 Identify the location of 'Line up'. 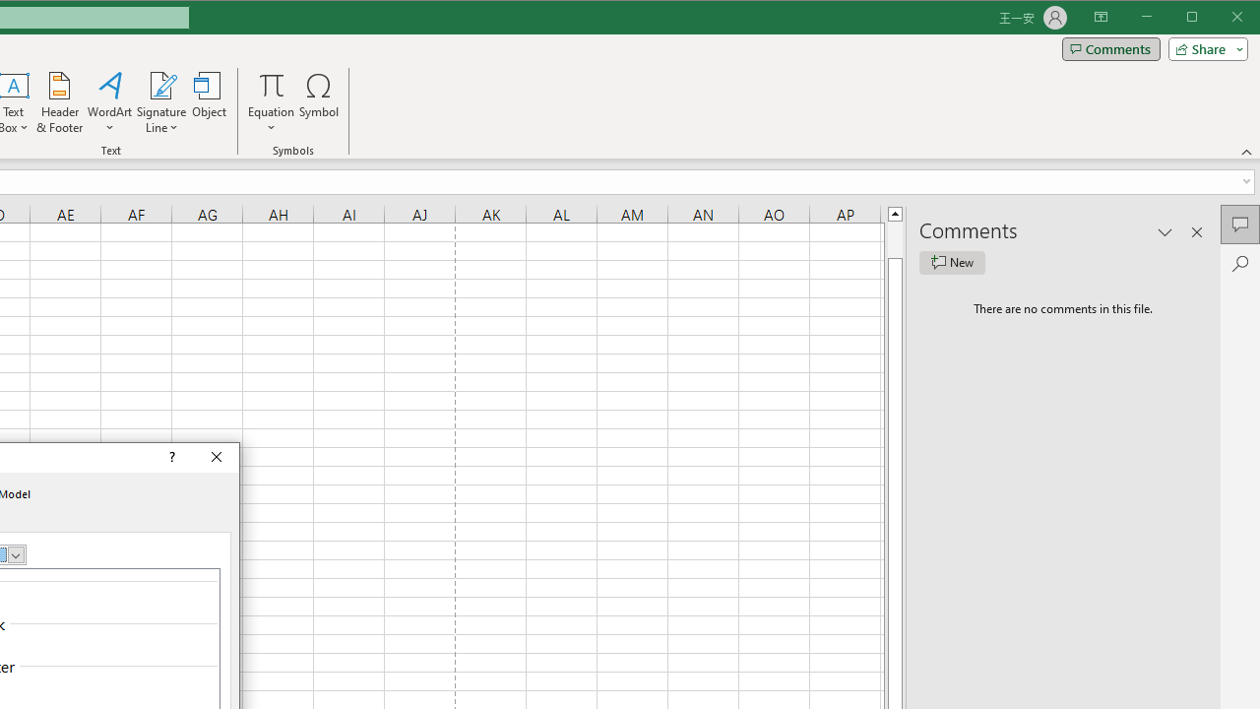
(894, 213).